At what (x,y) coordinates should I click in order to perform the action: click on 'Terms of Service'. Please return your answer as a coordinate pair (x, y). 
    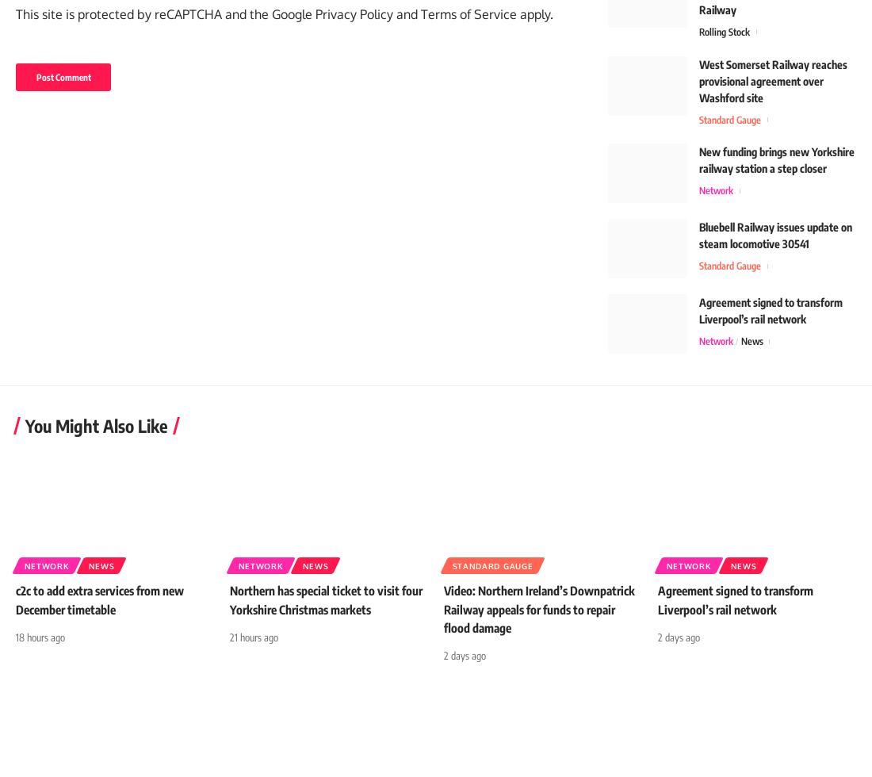
    Looking at the image, I should click on (468, 36).